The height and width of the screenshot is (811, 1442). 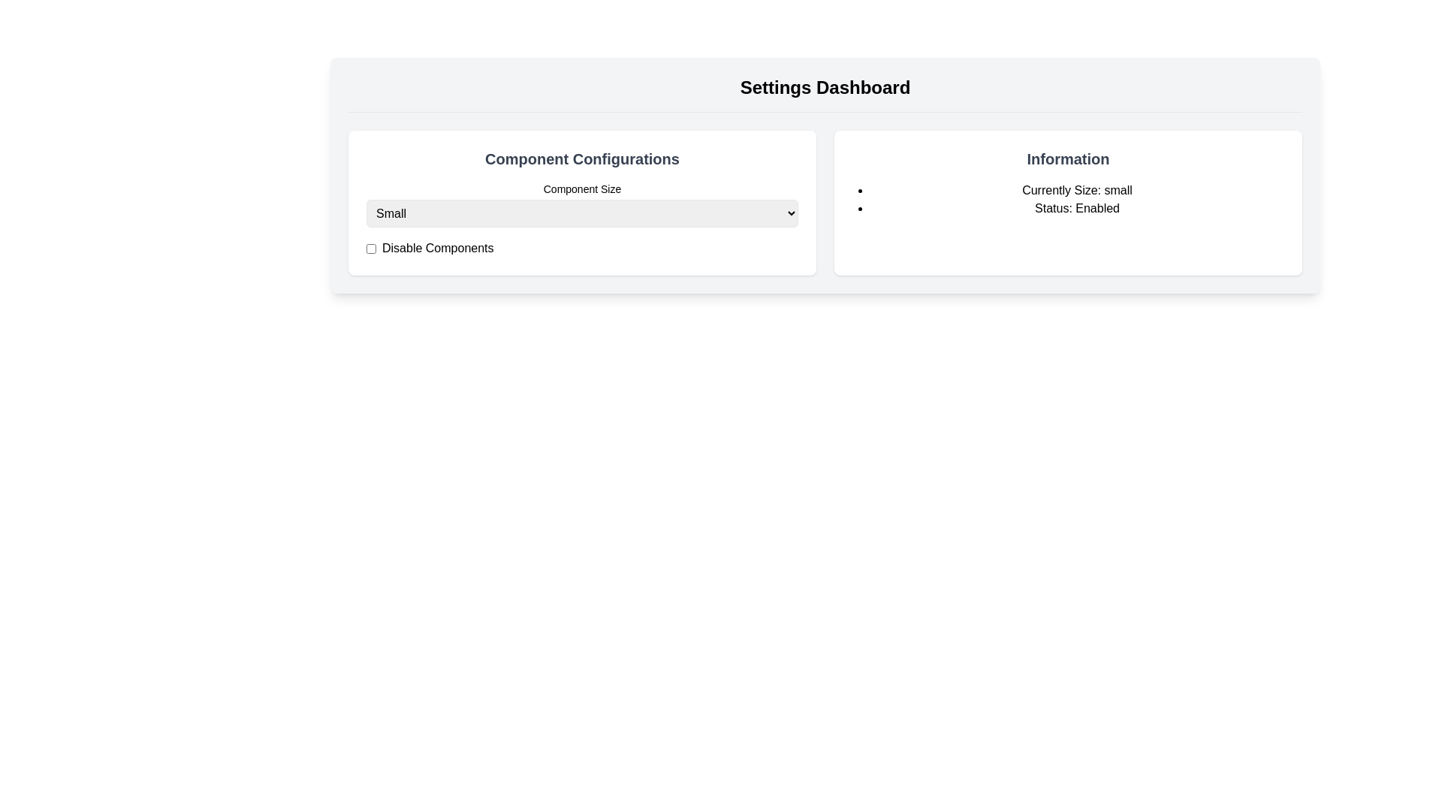 What do you see at coordinates (1076, 190) in the screenshot?
I see `the static text label that informs the user about the current size setting, located in the right section of the interface under the 'Information' header, and positioned above the sibling text 'Status: Enabled'` at bounding box center [1076, 190].